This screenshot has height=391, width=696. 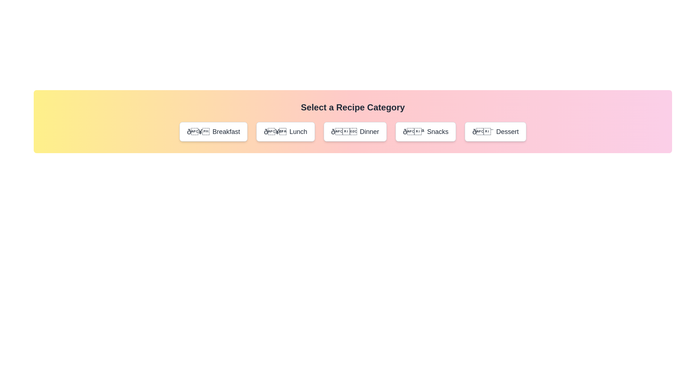 I want to click on the category Breakfast and read the displayed name, so click(x=213, y=131).